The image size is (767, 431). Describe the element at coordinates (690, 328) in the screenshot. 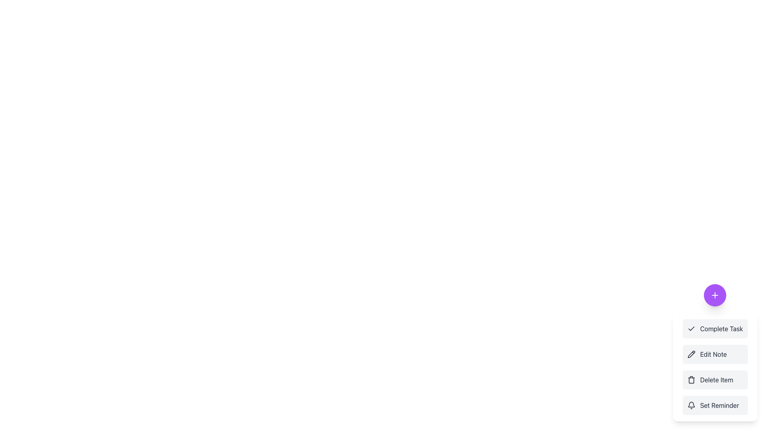

I see `the check mark icon` at that location.